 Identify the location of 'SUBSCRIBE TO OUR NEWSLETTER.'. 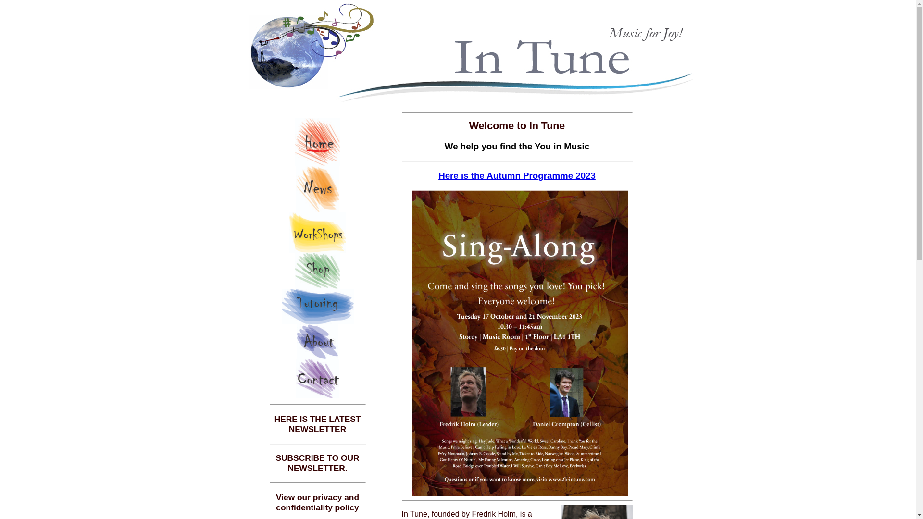
(318, 462).